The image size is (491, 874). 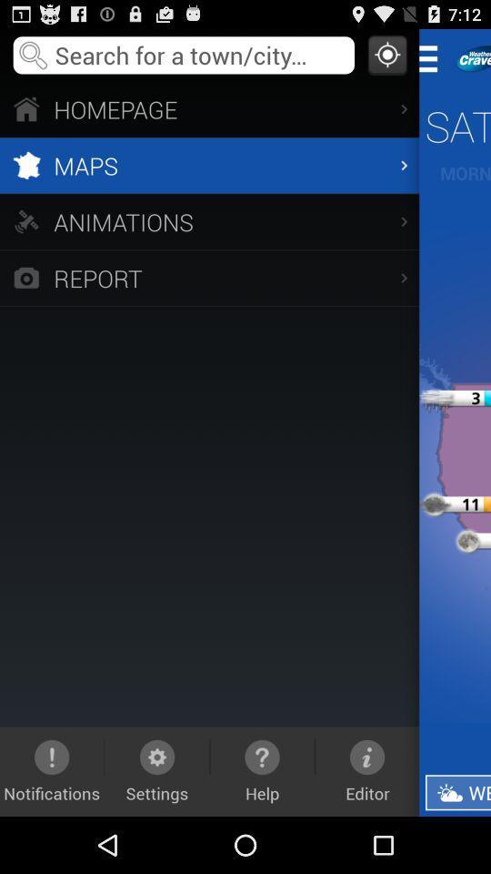 I want to click on the menu icon, so click(x=433, y=62).